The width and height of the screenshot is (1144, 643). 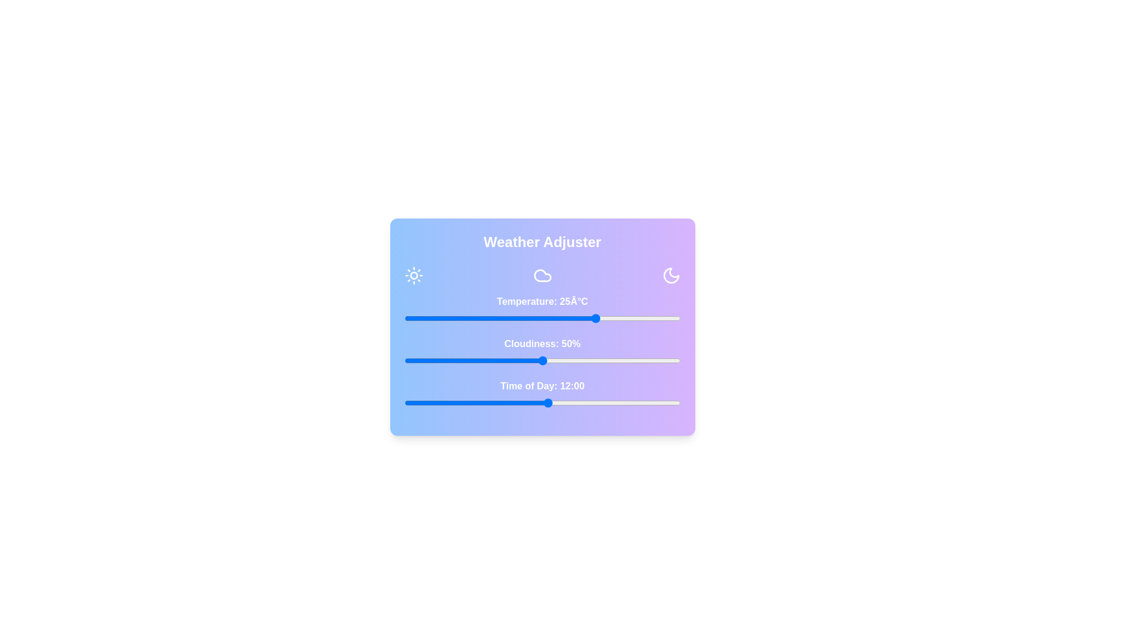 I want to click on the time of day, so click(x=536, y=402).